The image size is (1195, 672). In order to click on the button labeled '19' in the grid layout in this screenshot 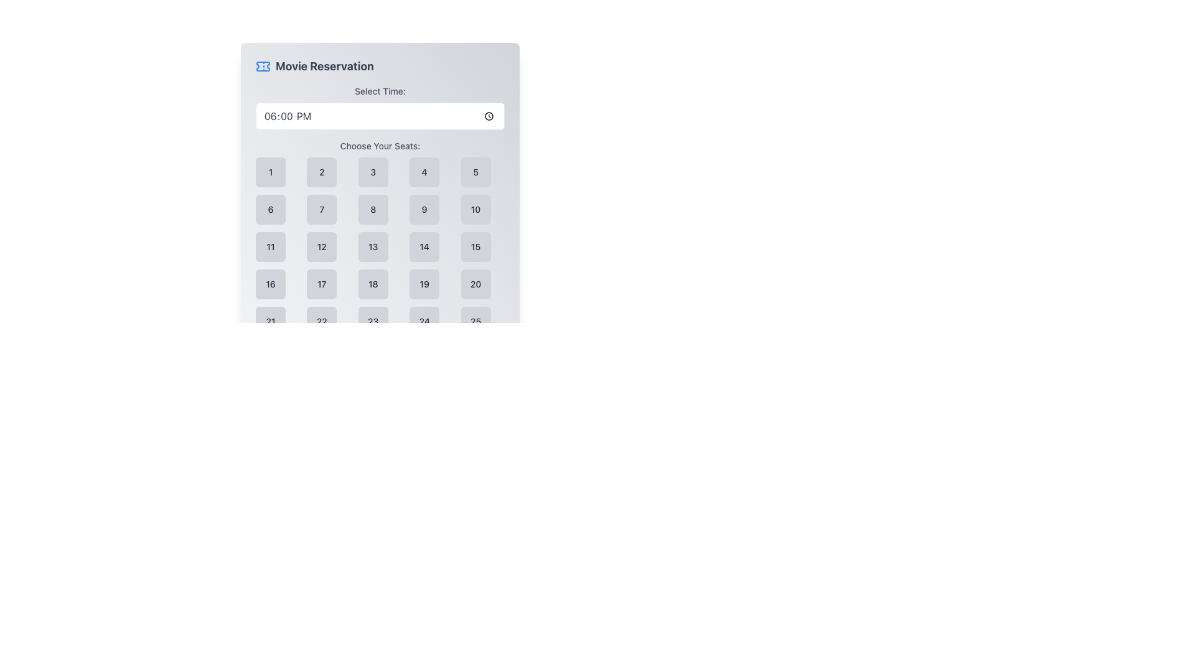, I will do `click(424, 284)`.